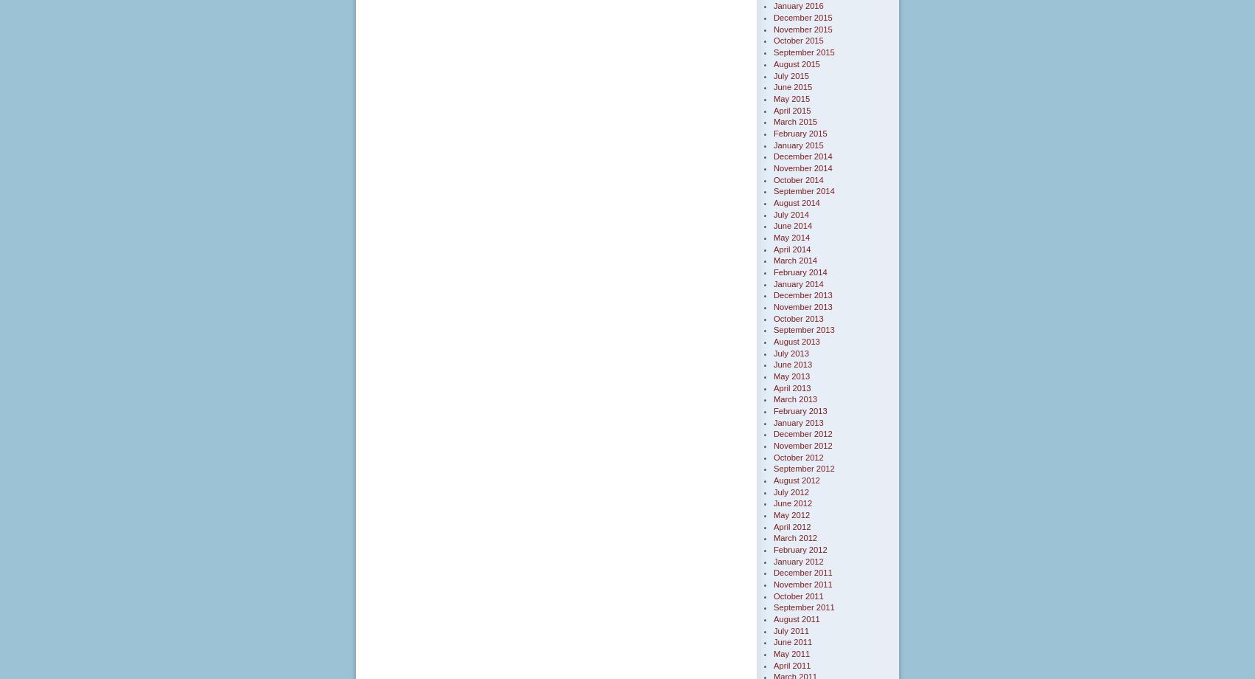  Describe the element at coordinates (796, 479) in the screenshot. I see `'August 2012'` at that location.